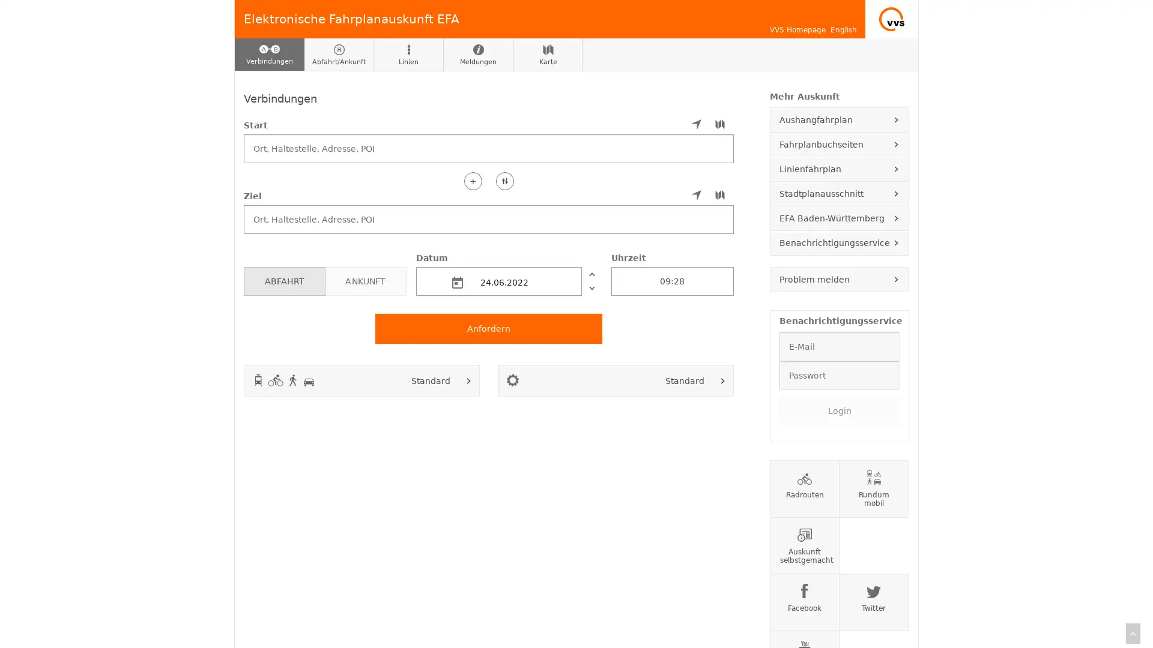  I want to click on Datum 24.06.2022 vorher nachher, so click(508, 273).